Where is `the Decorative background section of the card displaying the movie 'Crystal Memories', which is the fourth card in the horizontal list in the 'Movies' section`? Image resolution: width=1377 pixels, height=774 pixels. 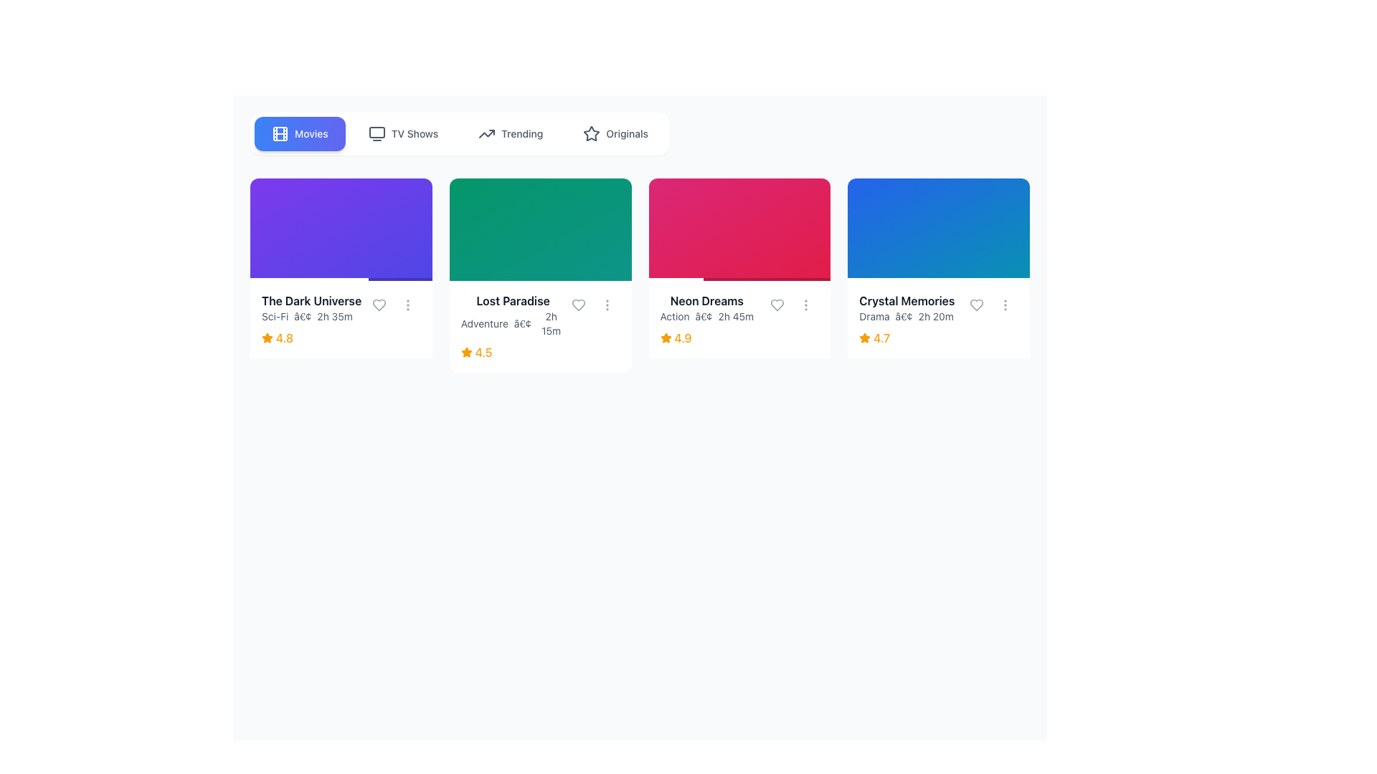
the Decorative background section of the card displaying the movie 'Crystal Memories', which is the fourth card in the horizontal list in the 'Movies' section is located at coordinates (939, 229).